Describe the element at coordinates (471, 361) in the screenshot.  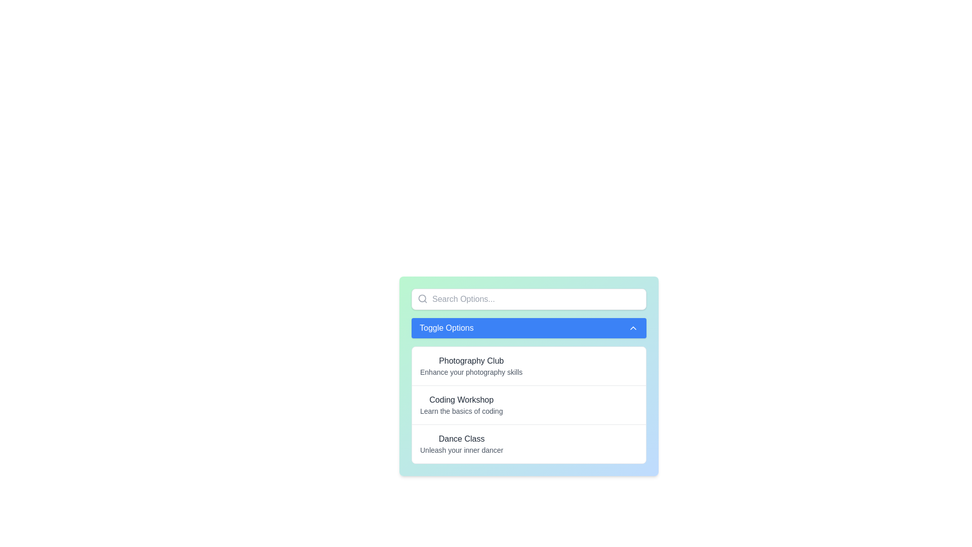
I see `'Photography Club' title text label located in the dropdown interface, positioned above 'Enhance your photography skills' and below 'Toggle Options'` at that location.